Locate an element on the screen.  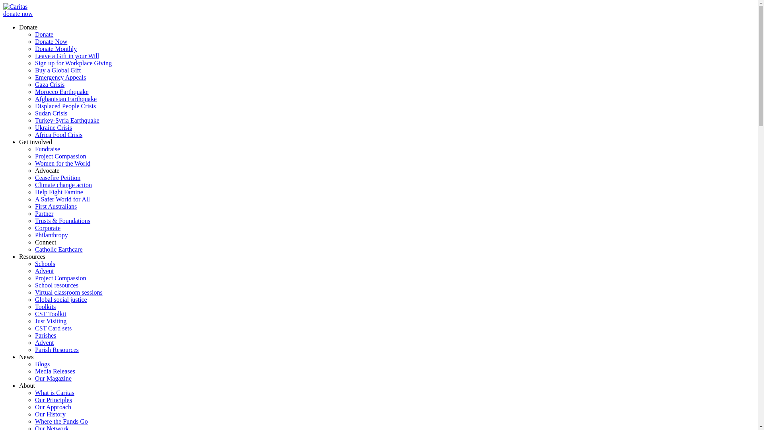
'Philanthropy' is located at coordinates (34, 235).